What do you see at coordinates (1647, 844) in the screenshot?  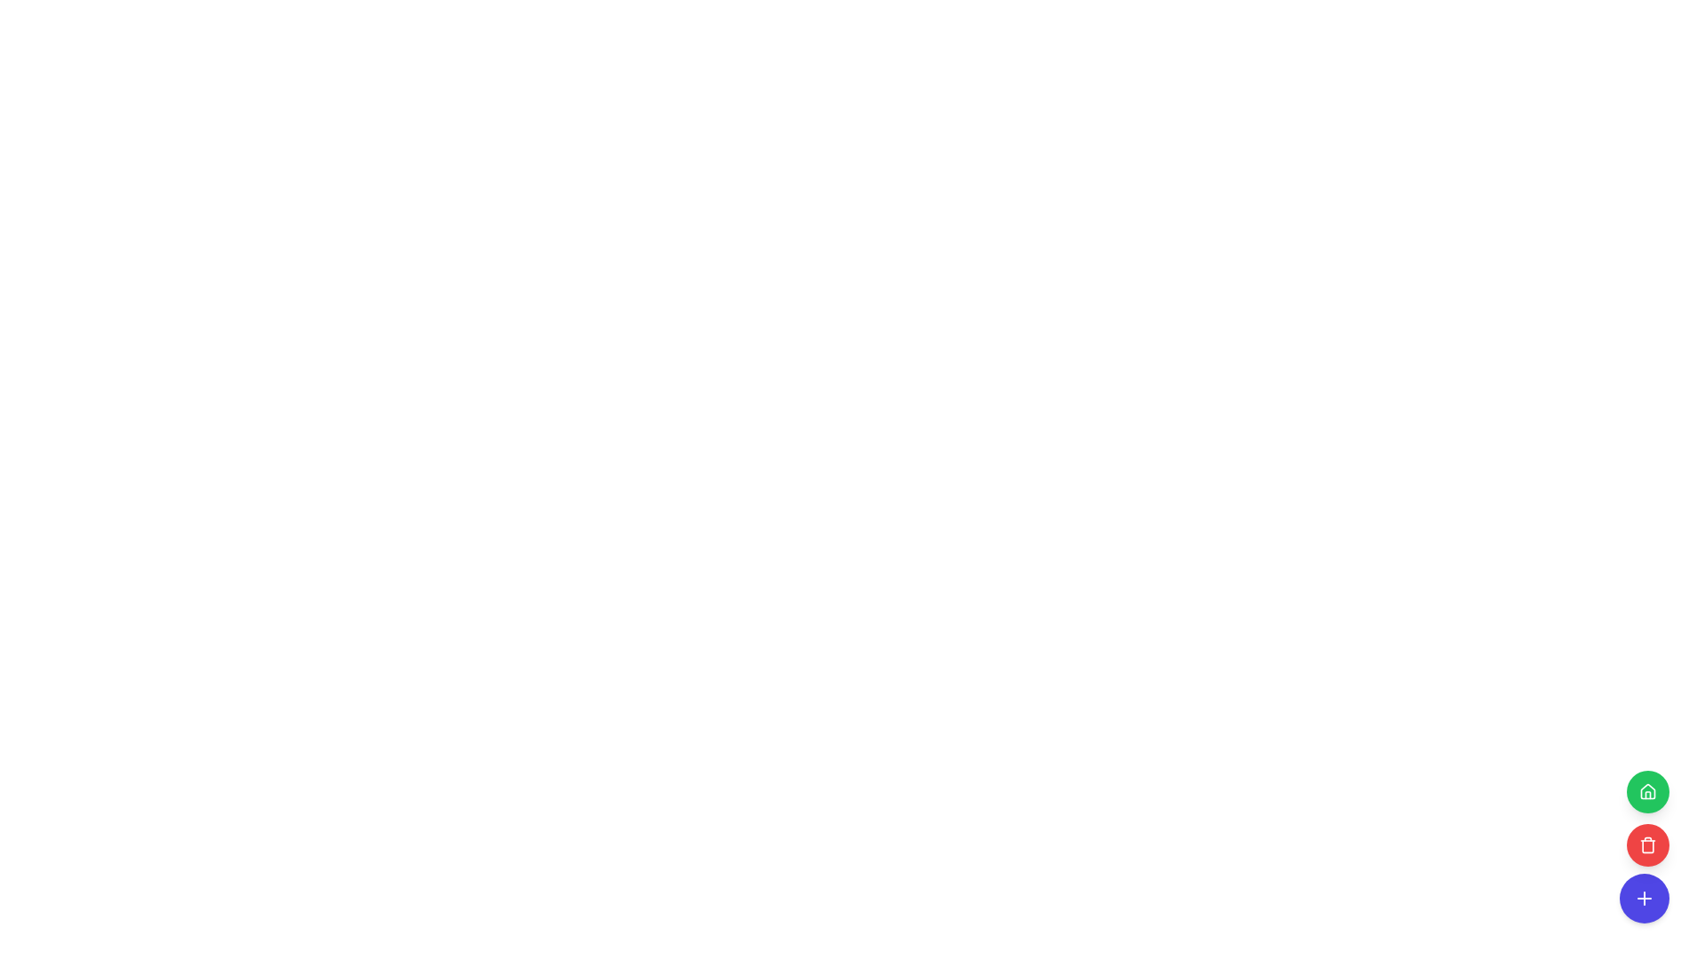 I see `the circular red button with a trash bin icon` at bounding box center [1647, 844].